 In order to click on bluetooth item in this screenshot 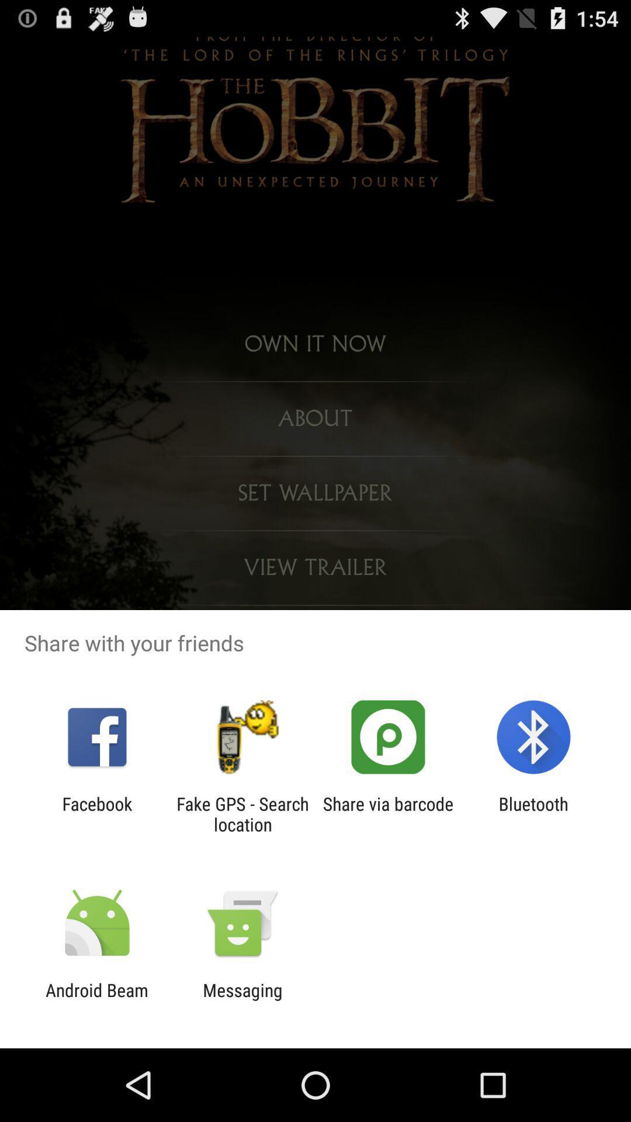, I will do `click(533, 813)`.